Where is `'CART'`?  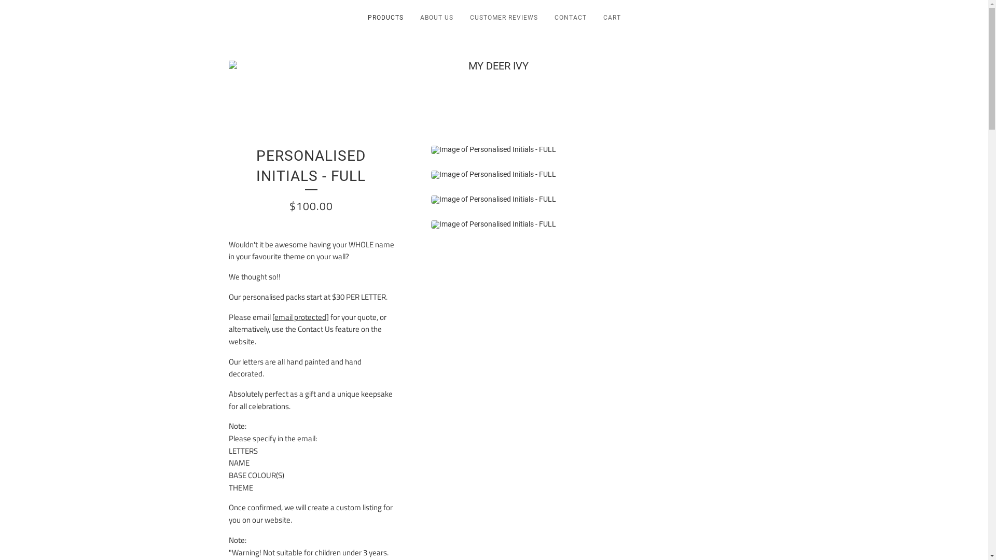
'CART' is located at coordinates (594, 20).